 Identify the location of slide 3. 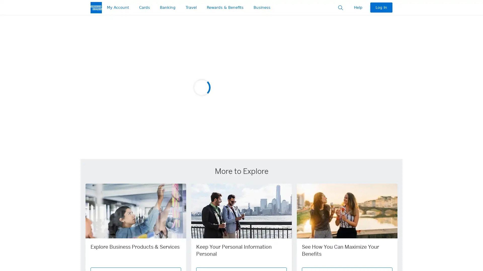
(233, 217).